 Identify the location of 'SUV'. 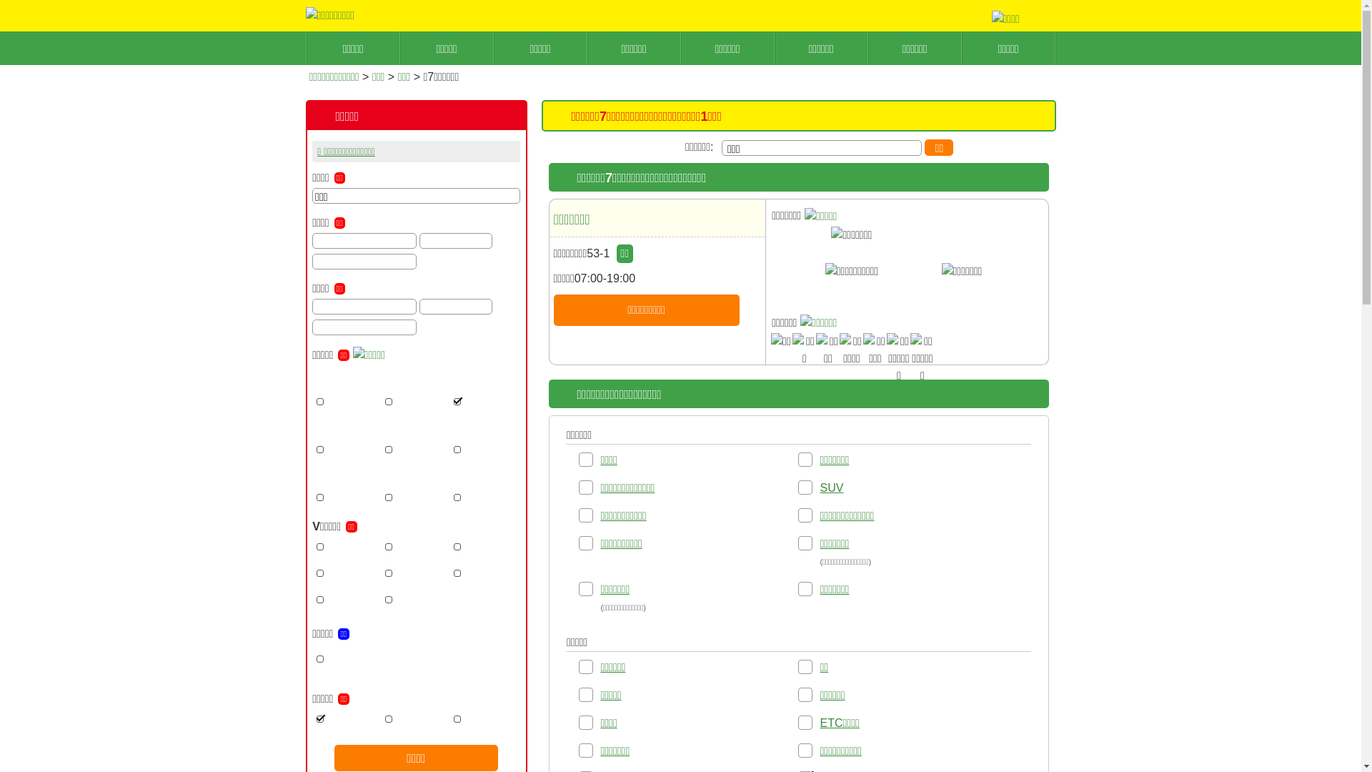
(831, 487).